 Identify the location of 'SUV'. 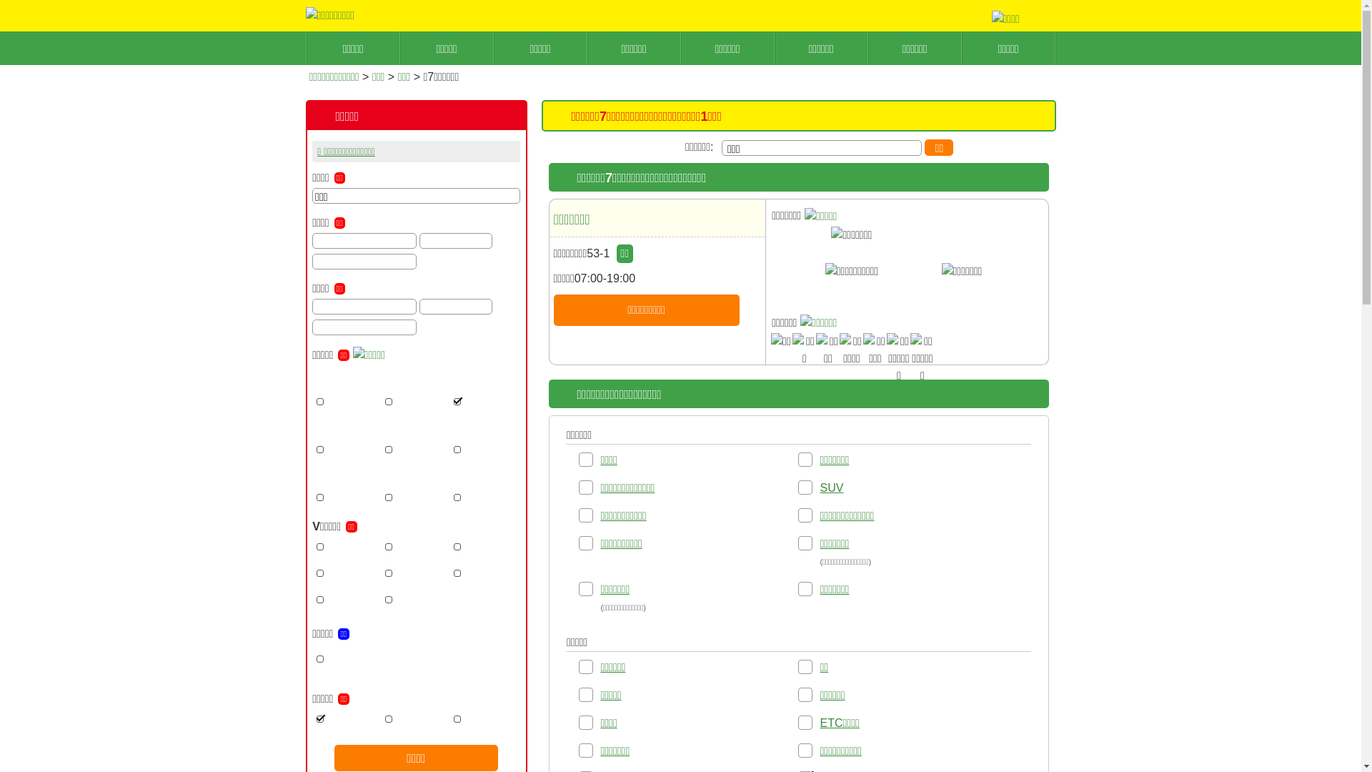
(831, 487).